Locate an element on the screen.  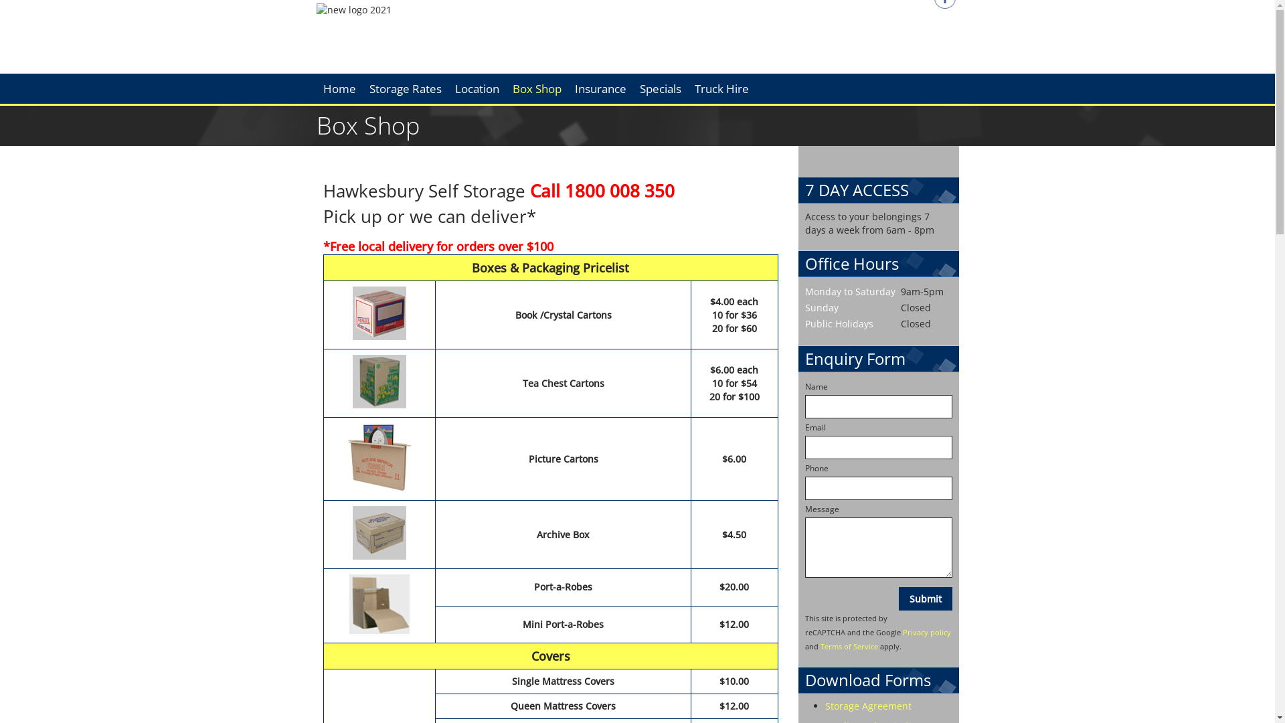
'Location' is located at coordinates (477, 88).